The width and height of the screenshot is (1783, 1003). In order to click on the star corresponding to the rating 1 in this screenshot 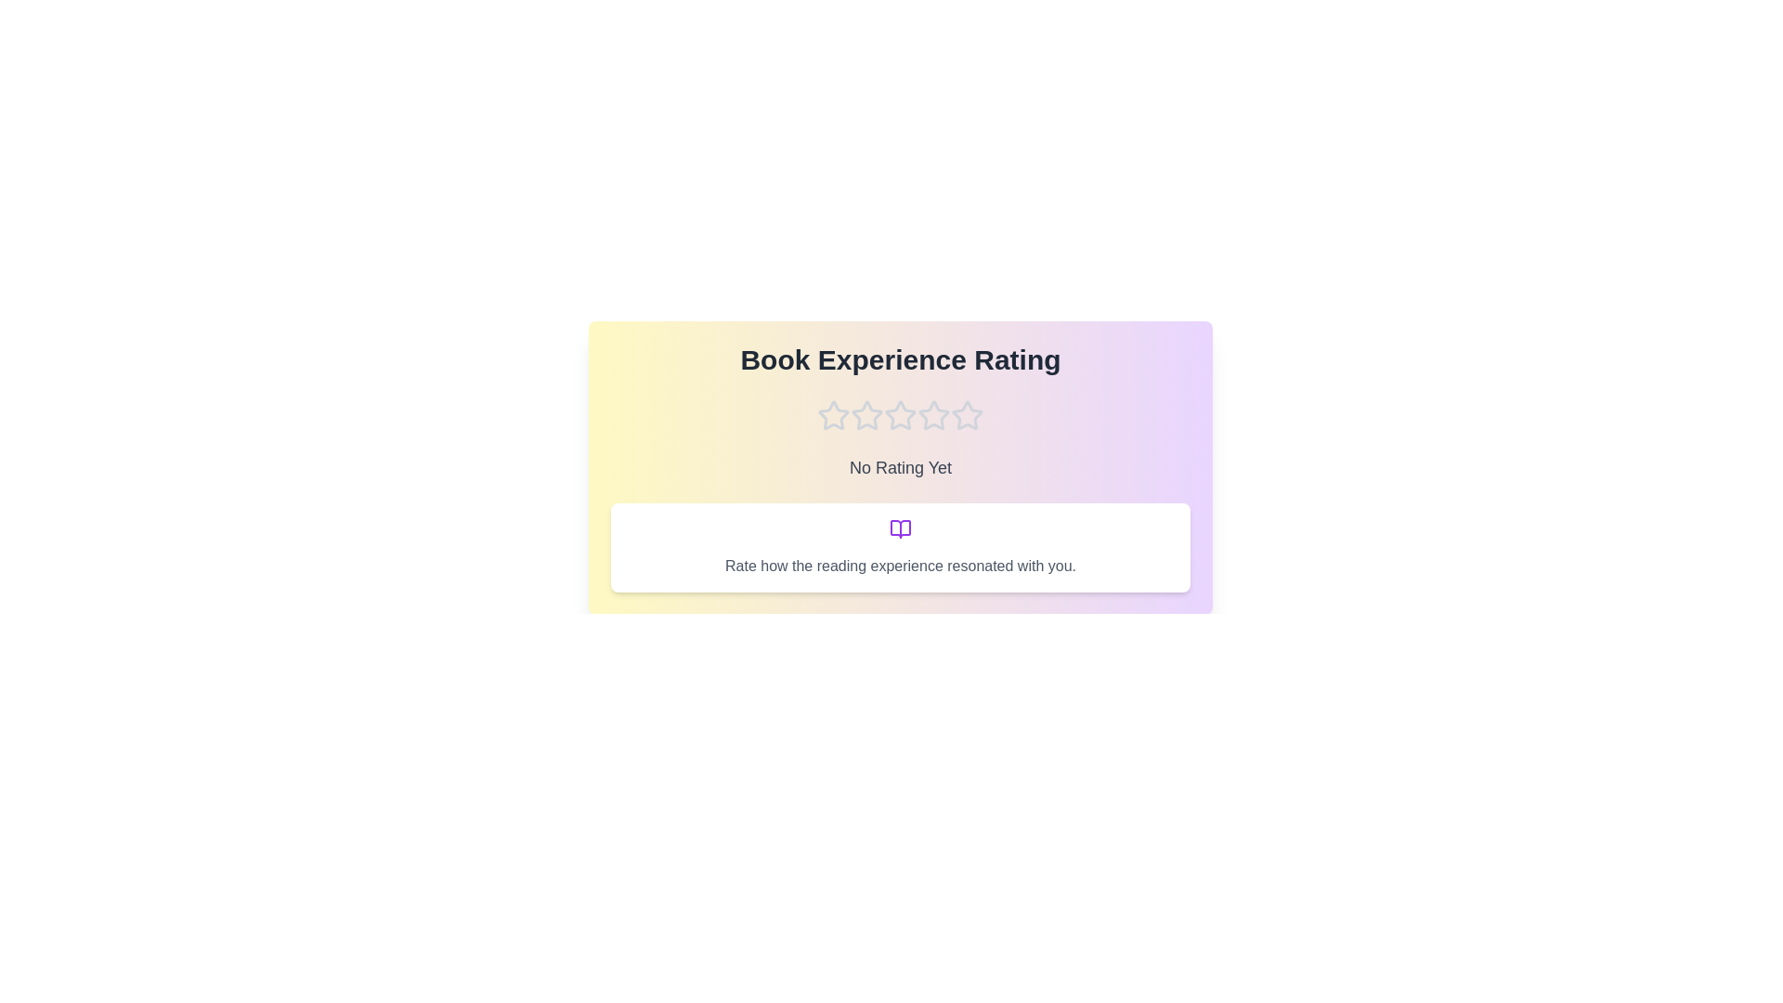, I will do `click(832, 414)`.